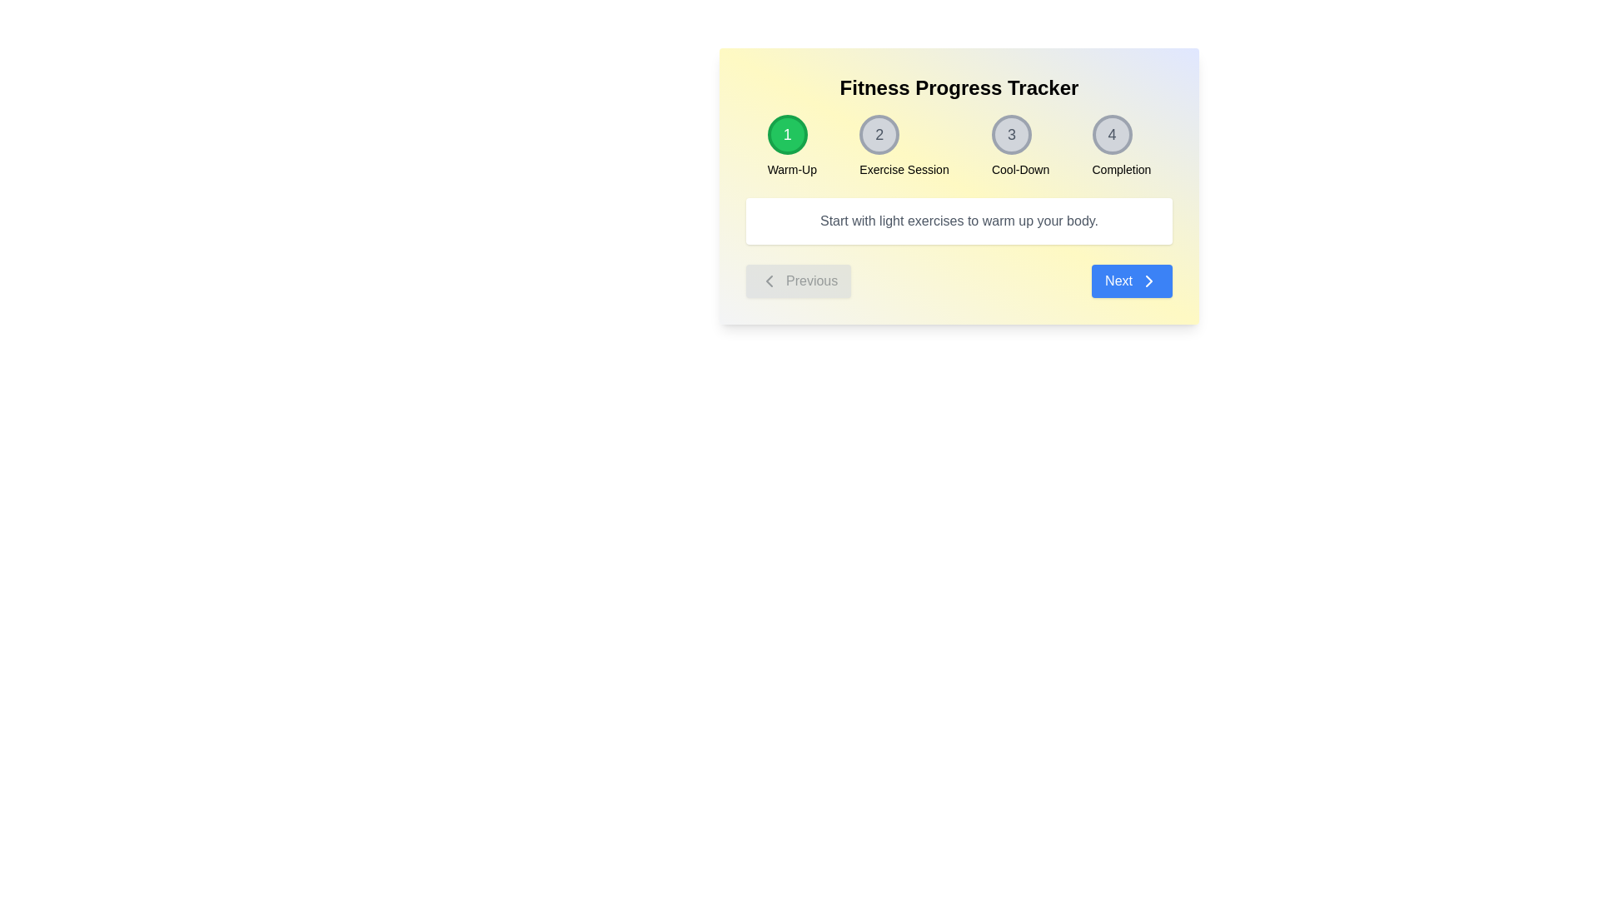 This screenshot has height=899, width=1599. Describe the element at coordinates (959, 221) in the screenshot. I see `instructions displayed in the text block that contains the message 'Start with light exercises to warm up your body.' This text block is centrally positioned within a white rounded rectangle, part of the fitness progress tracker interface` at that location.